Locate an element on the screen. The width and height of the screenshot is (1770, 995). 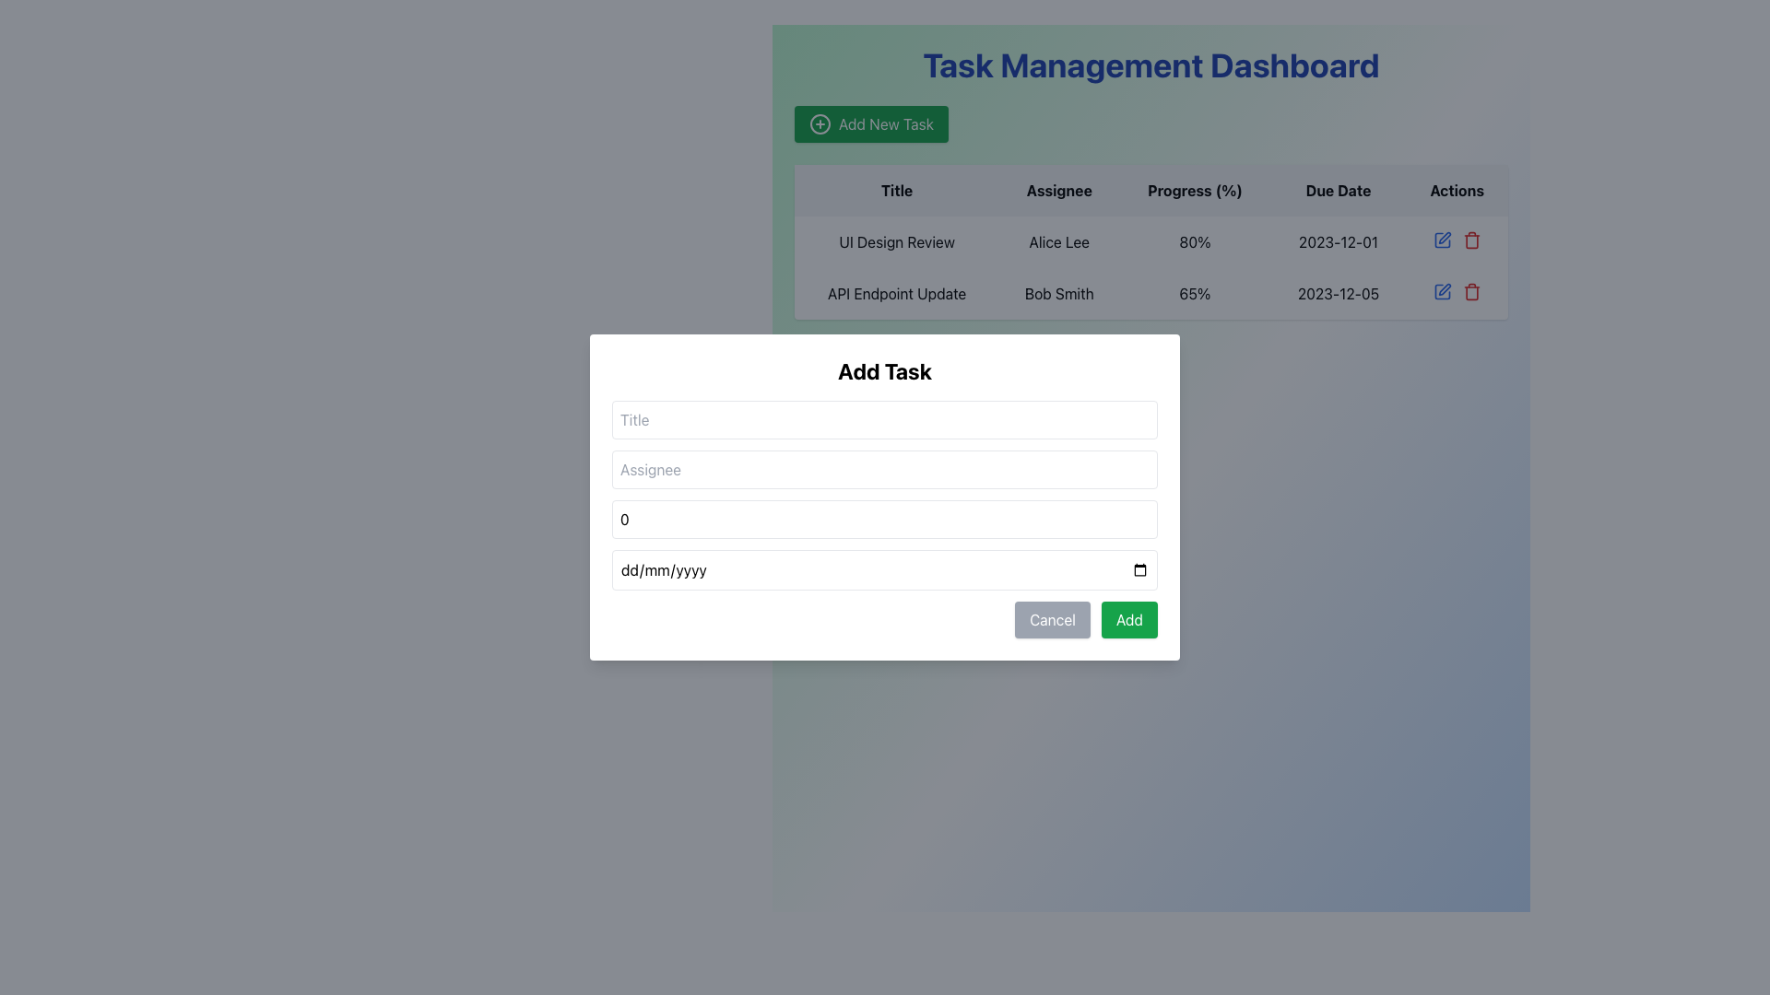
the 'Add New Task' button, which is a green rectangular button with white text and a circular plus icon, located below the 'Task Management Dashboard' header is located at coordinates (870, 124).